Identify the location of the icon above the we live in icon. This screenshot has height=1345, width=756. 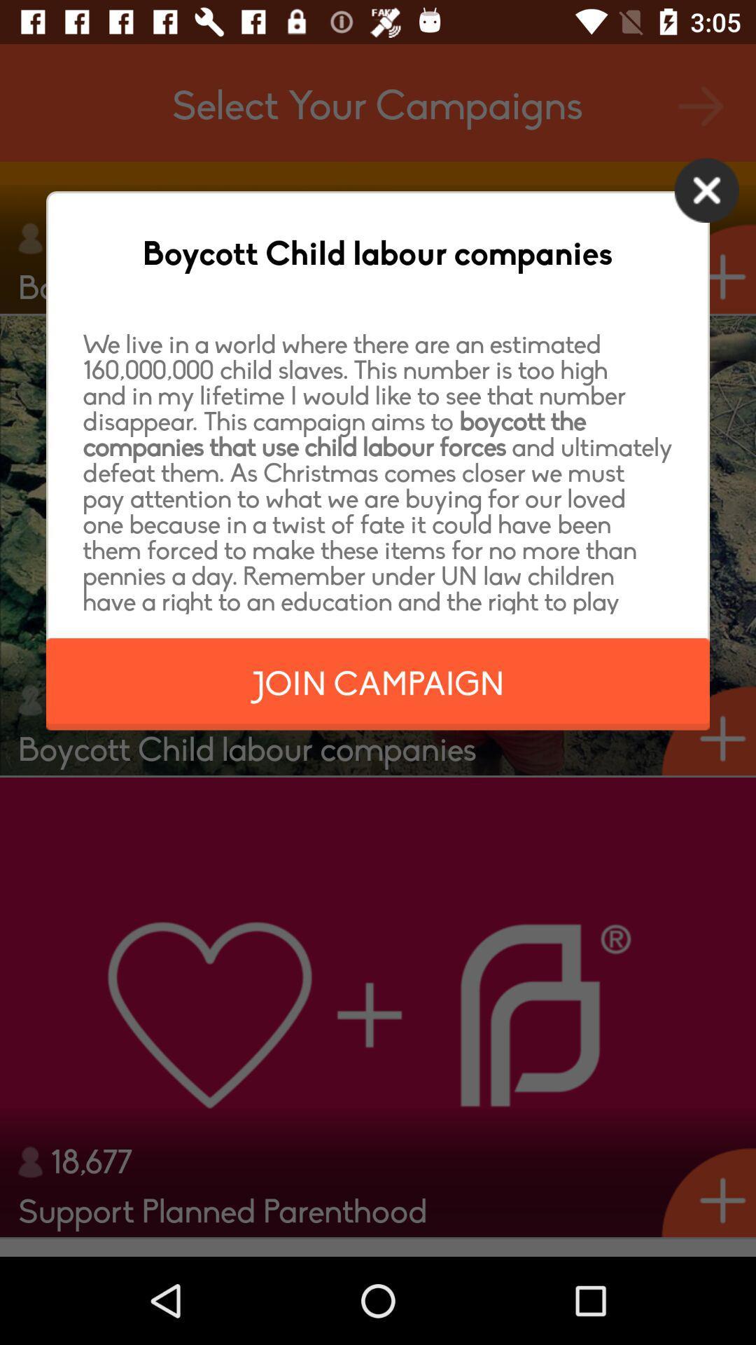
(706, 189).